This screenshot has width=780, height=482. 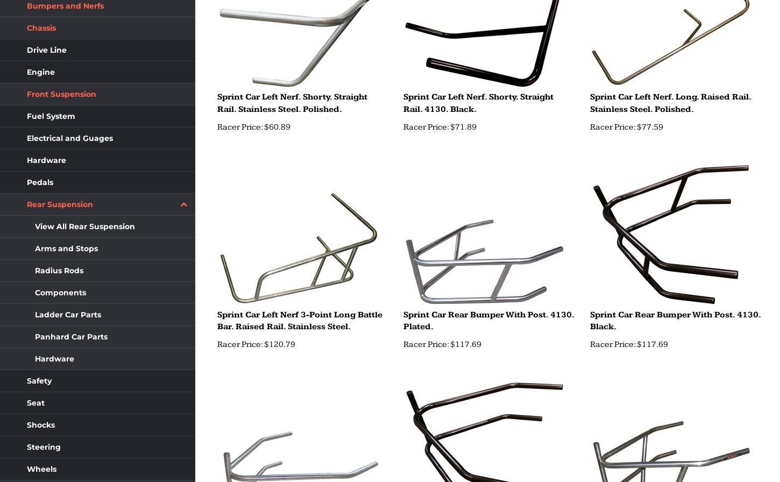 I want to click on 'Panhard Car Parts', so click(x=70, y=337).